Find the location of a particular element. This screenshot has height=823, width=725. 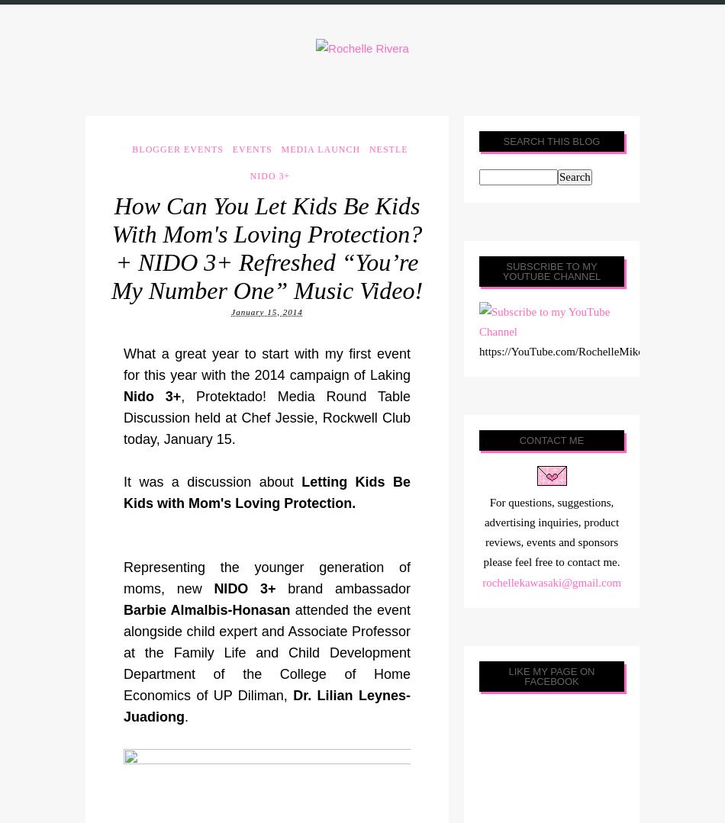

', Protektado! Media Round Table Discussion held at Chef Jessie, Rockwell Club today, January 15.' is located at coordinates (266, 416).